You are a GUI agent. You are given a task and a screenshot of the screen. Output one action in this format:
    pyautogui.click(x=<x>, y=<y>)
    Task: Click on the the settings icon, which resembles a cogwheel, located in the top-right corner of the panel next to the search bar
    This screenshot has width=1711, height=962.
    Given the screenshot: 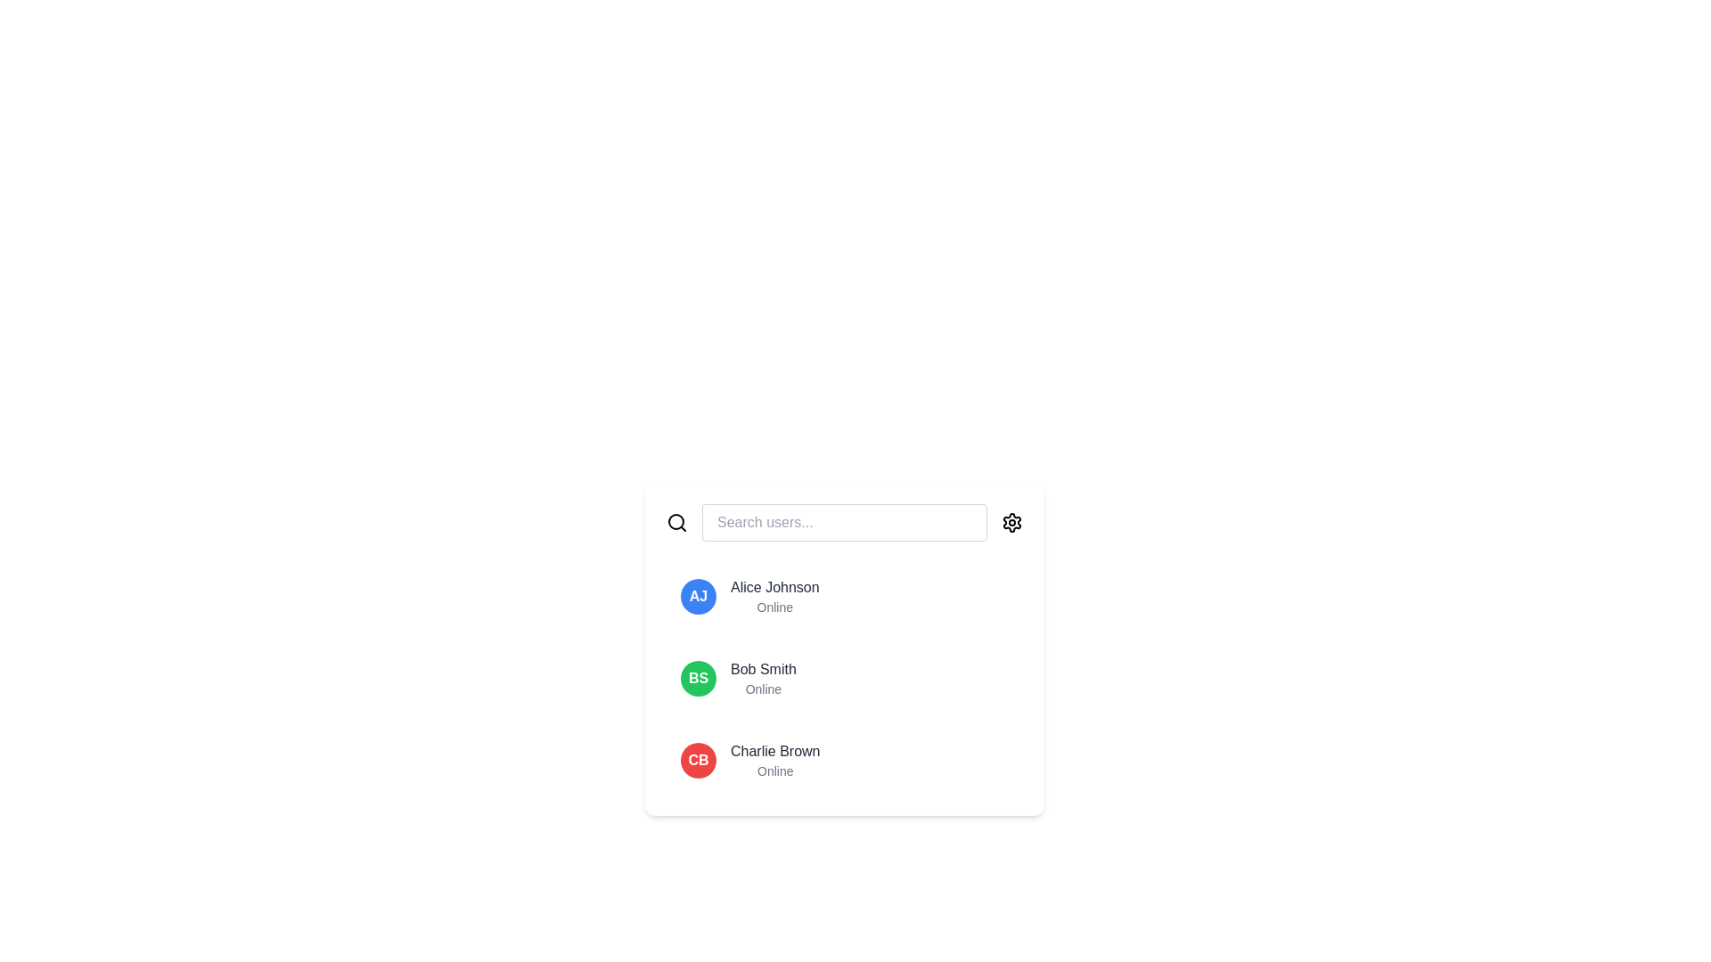 What is the action you would take?
    pyautogui.click(x=1012, y=521)
    